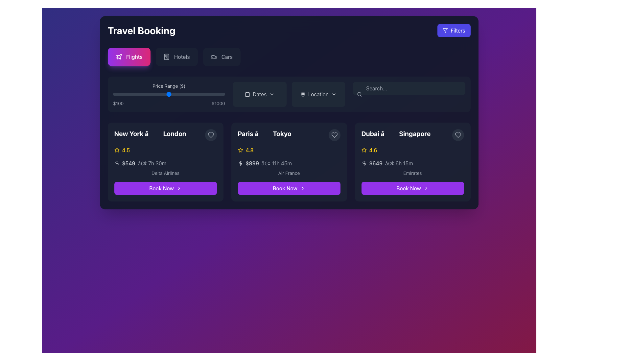 This screenshot has width=631, height=355. I want to click on the third button in the horizontal navigation bar for car bookings, located adjacent to the 'Hotels' button, so click(222, 57).